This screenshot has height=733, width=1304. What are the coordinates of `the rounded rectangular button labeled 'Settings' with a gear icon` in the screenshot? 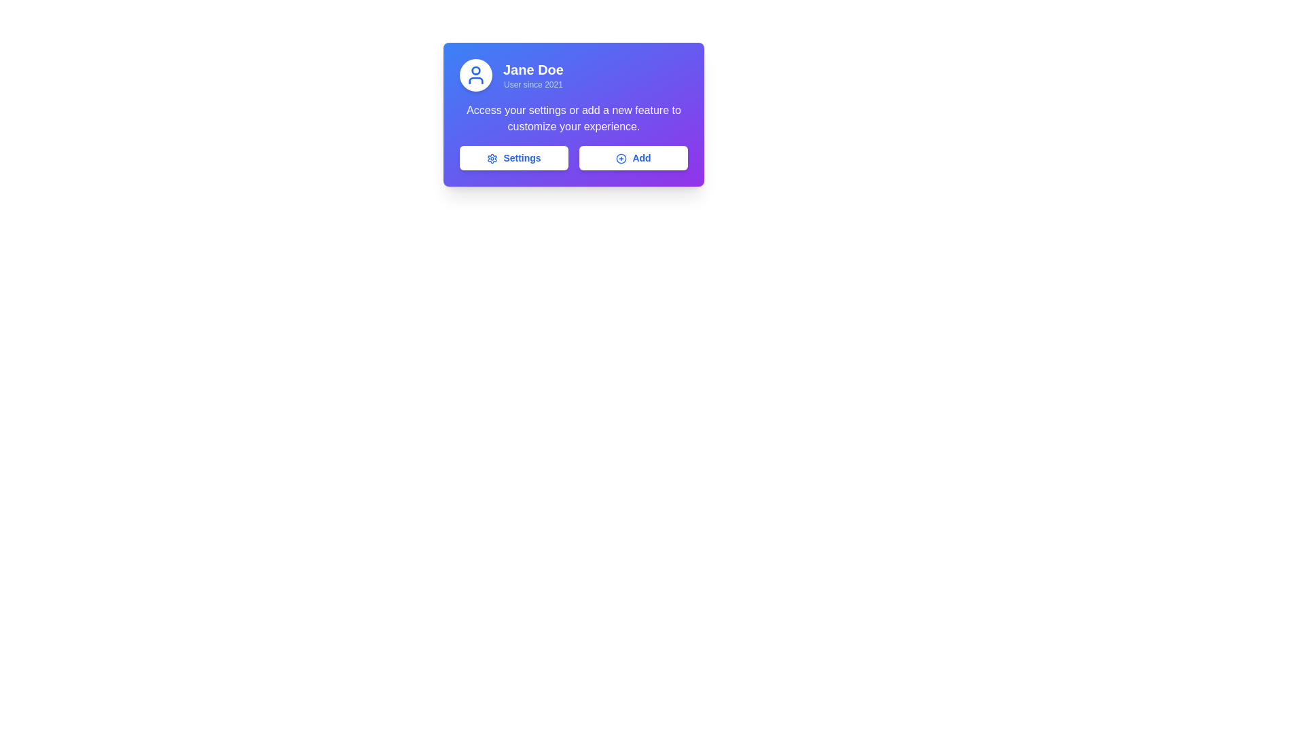 It's located at (513, 157).